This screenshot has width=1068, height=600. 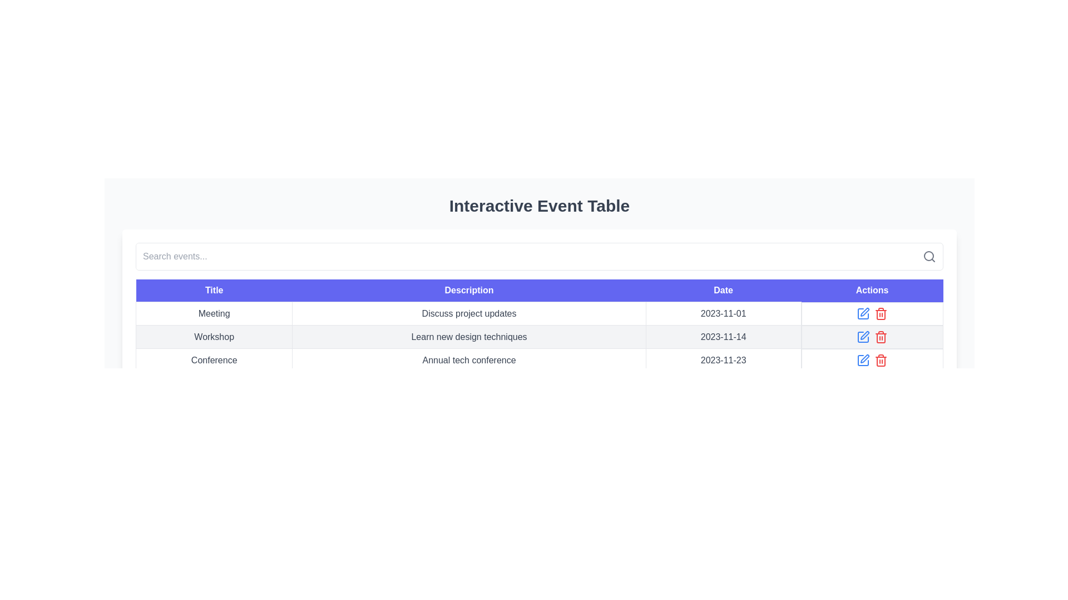 What do you see at coordinates (863, 336) in the screenshot?
I see `the edit icon button located in the second row of the 'Actions' column in the interactive table` at bounding box center [863, 336].